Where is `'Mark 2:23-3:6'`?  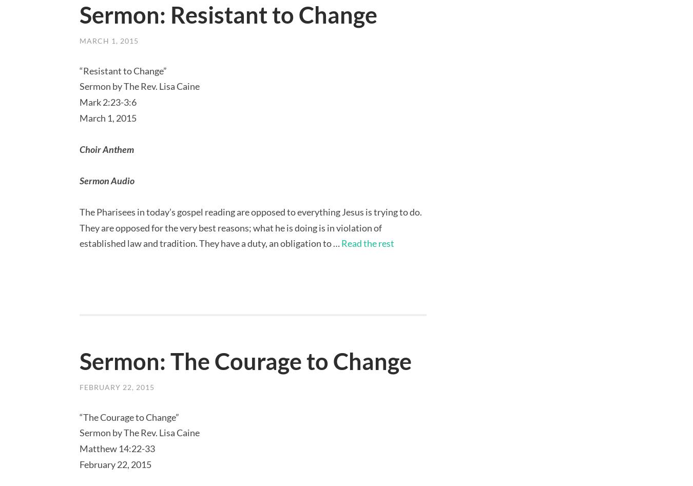 'Mark 2:23-3:6' is located at coordinates (108, 102).